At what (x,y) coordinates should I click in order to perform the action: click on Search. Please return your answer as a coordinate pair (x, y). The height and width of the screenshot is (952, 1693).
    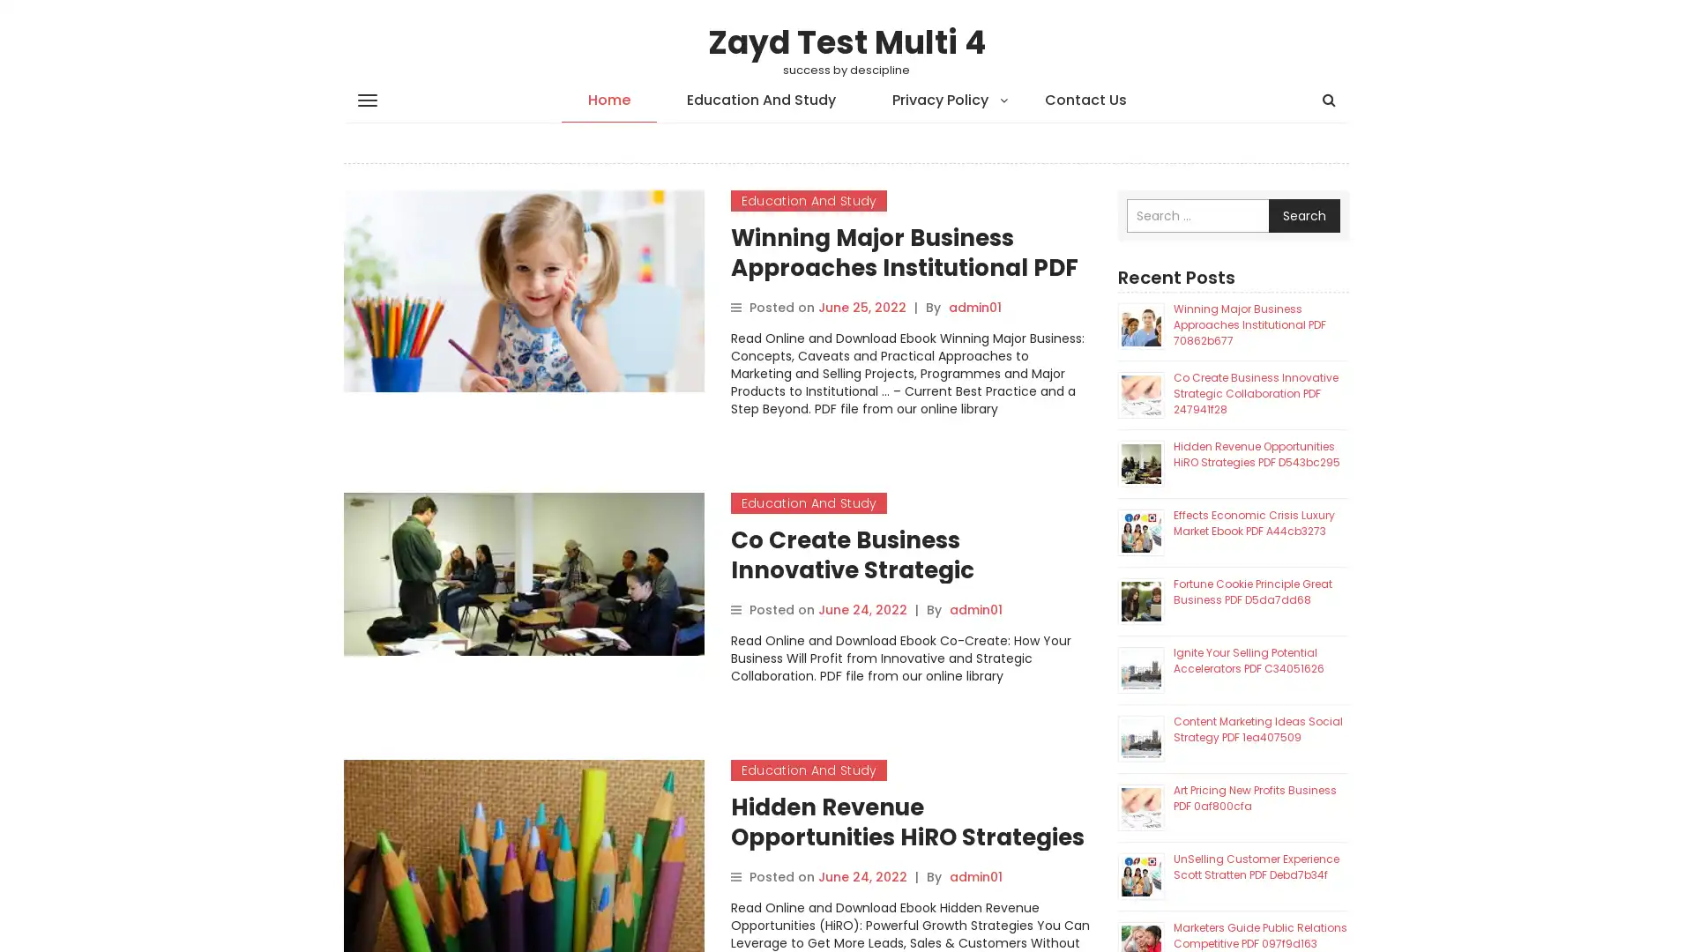
    Looking at the image, I should click on (1304, 215).